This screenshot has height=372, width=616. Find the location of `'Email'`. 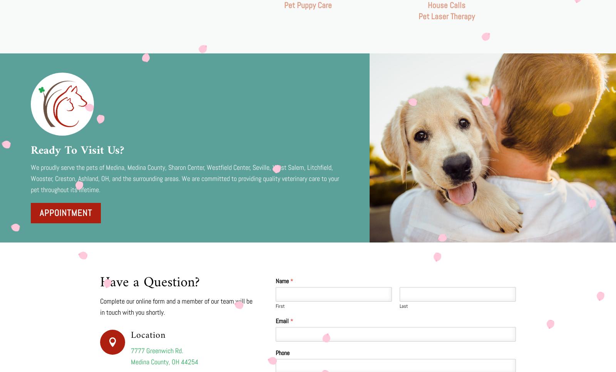

'Email' is located at coordinates (282, 321).